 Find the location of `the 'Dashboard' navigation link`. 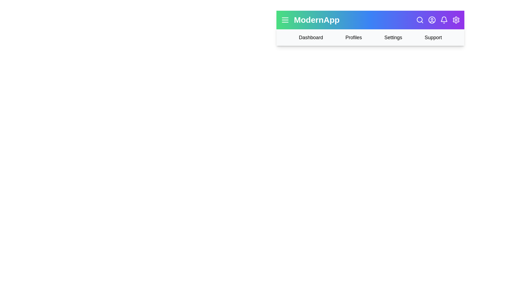

the 'Dashboard' navigation link is located at coordinates (311, 37).